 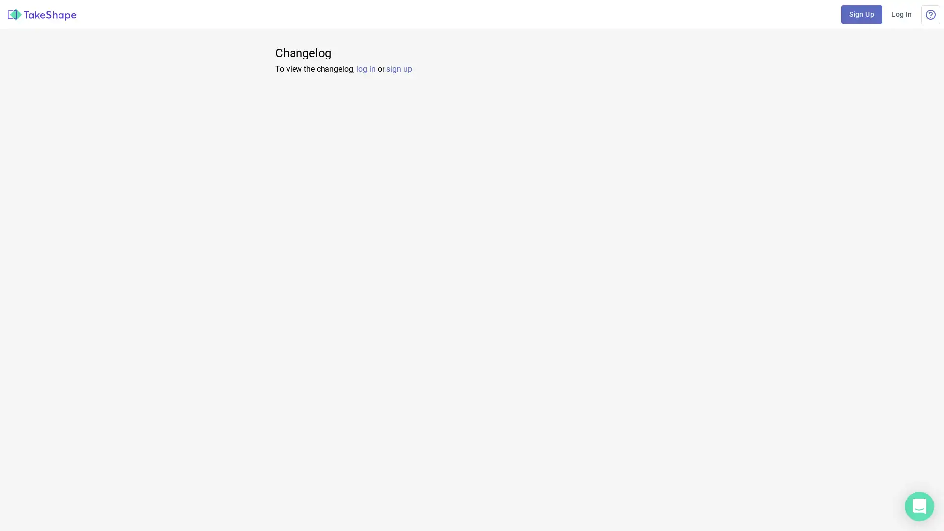 I want to click on Open Intercom Messenger, so click(x=919, y=506).